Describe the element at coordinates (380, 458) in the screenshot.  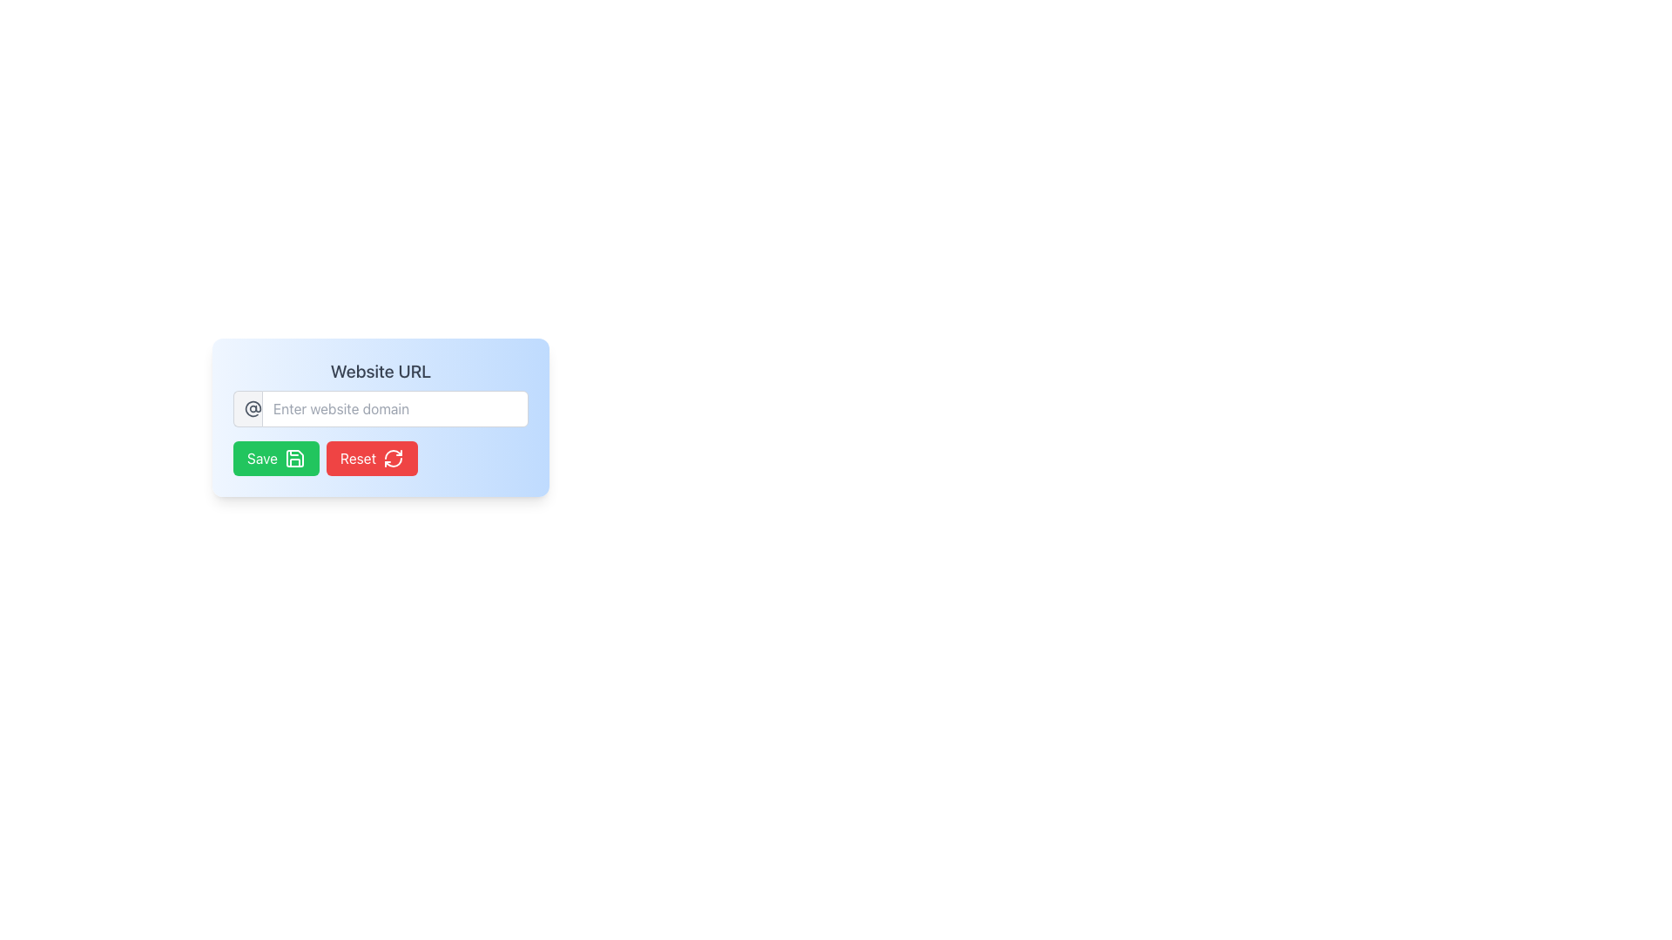
I see `the 'Reset' button located within the Horizontal Button Group at the bottom of the 'Website URL' card component` at that location.